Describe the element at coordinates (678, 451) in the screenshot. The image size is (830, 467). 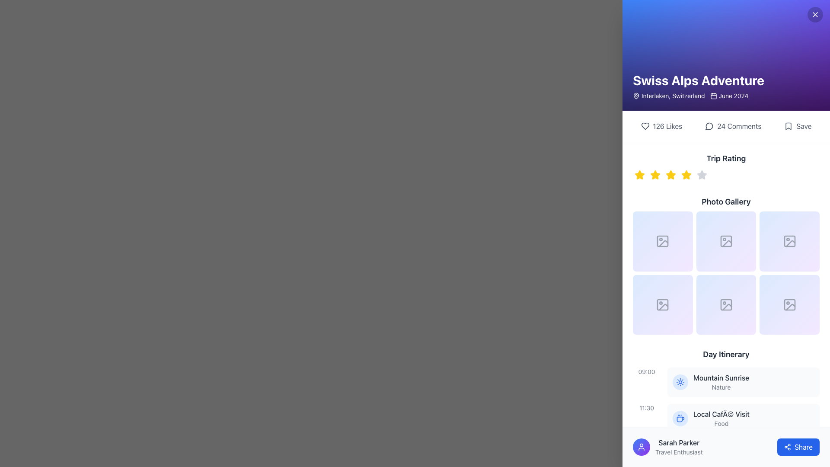
I see `descriptive text label located below 'Sarah Parker' in the information section` at that location.